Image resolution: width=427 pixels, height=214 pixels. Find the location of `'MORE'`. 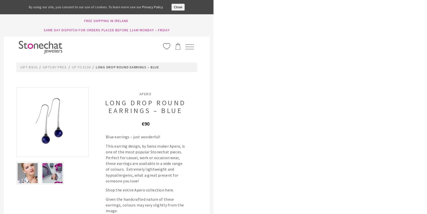

'MORE' is located at coordinates (330, 118).